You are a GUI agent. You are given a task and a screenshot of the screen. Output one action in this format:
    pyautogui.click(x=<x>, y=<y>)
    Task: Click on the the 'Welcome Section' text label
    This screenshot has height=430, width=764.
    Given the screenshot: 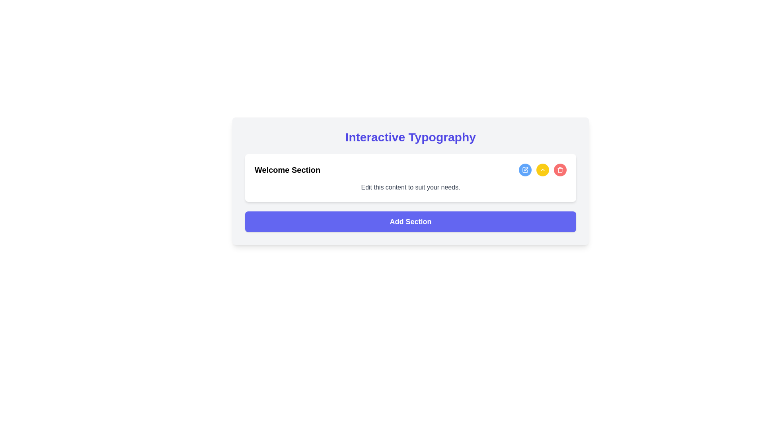 What is the action you would take?
    pyautogui.click(x=287, y=170)
    